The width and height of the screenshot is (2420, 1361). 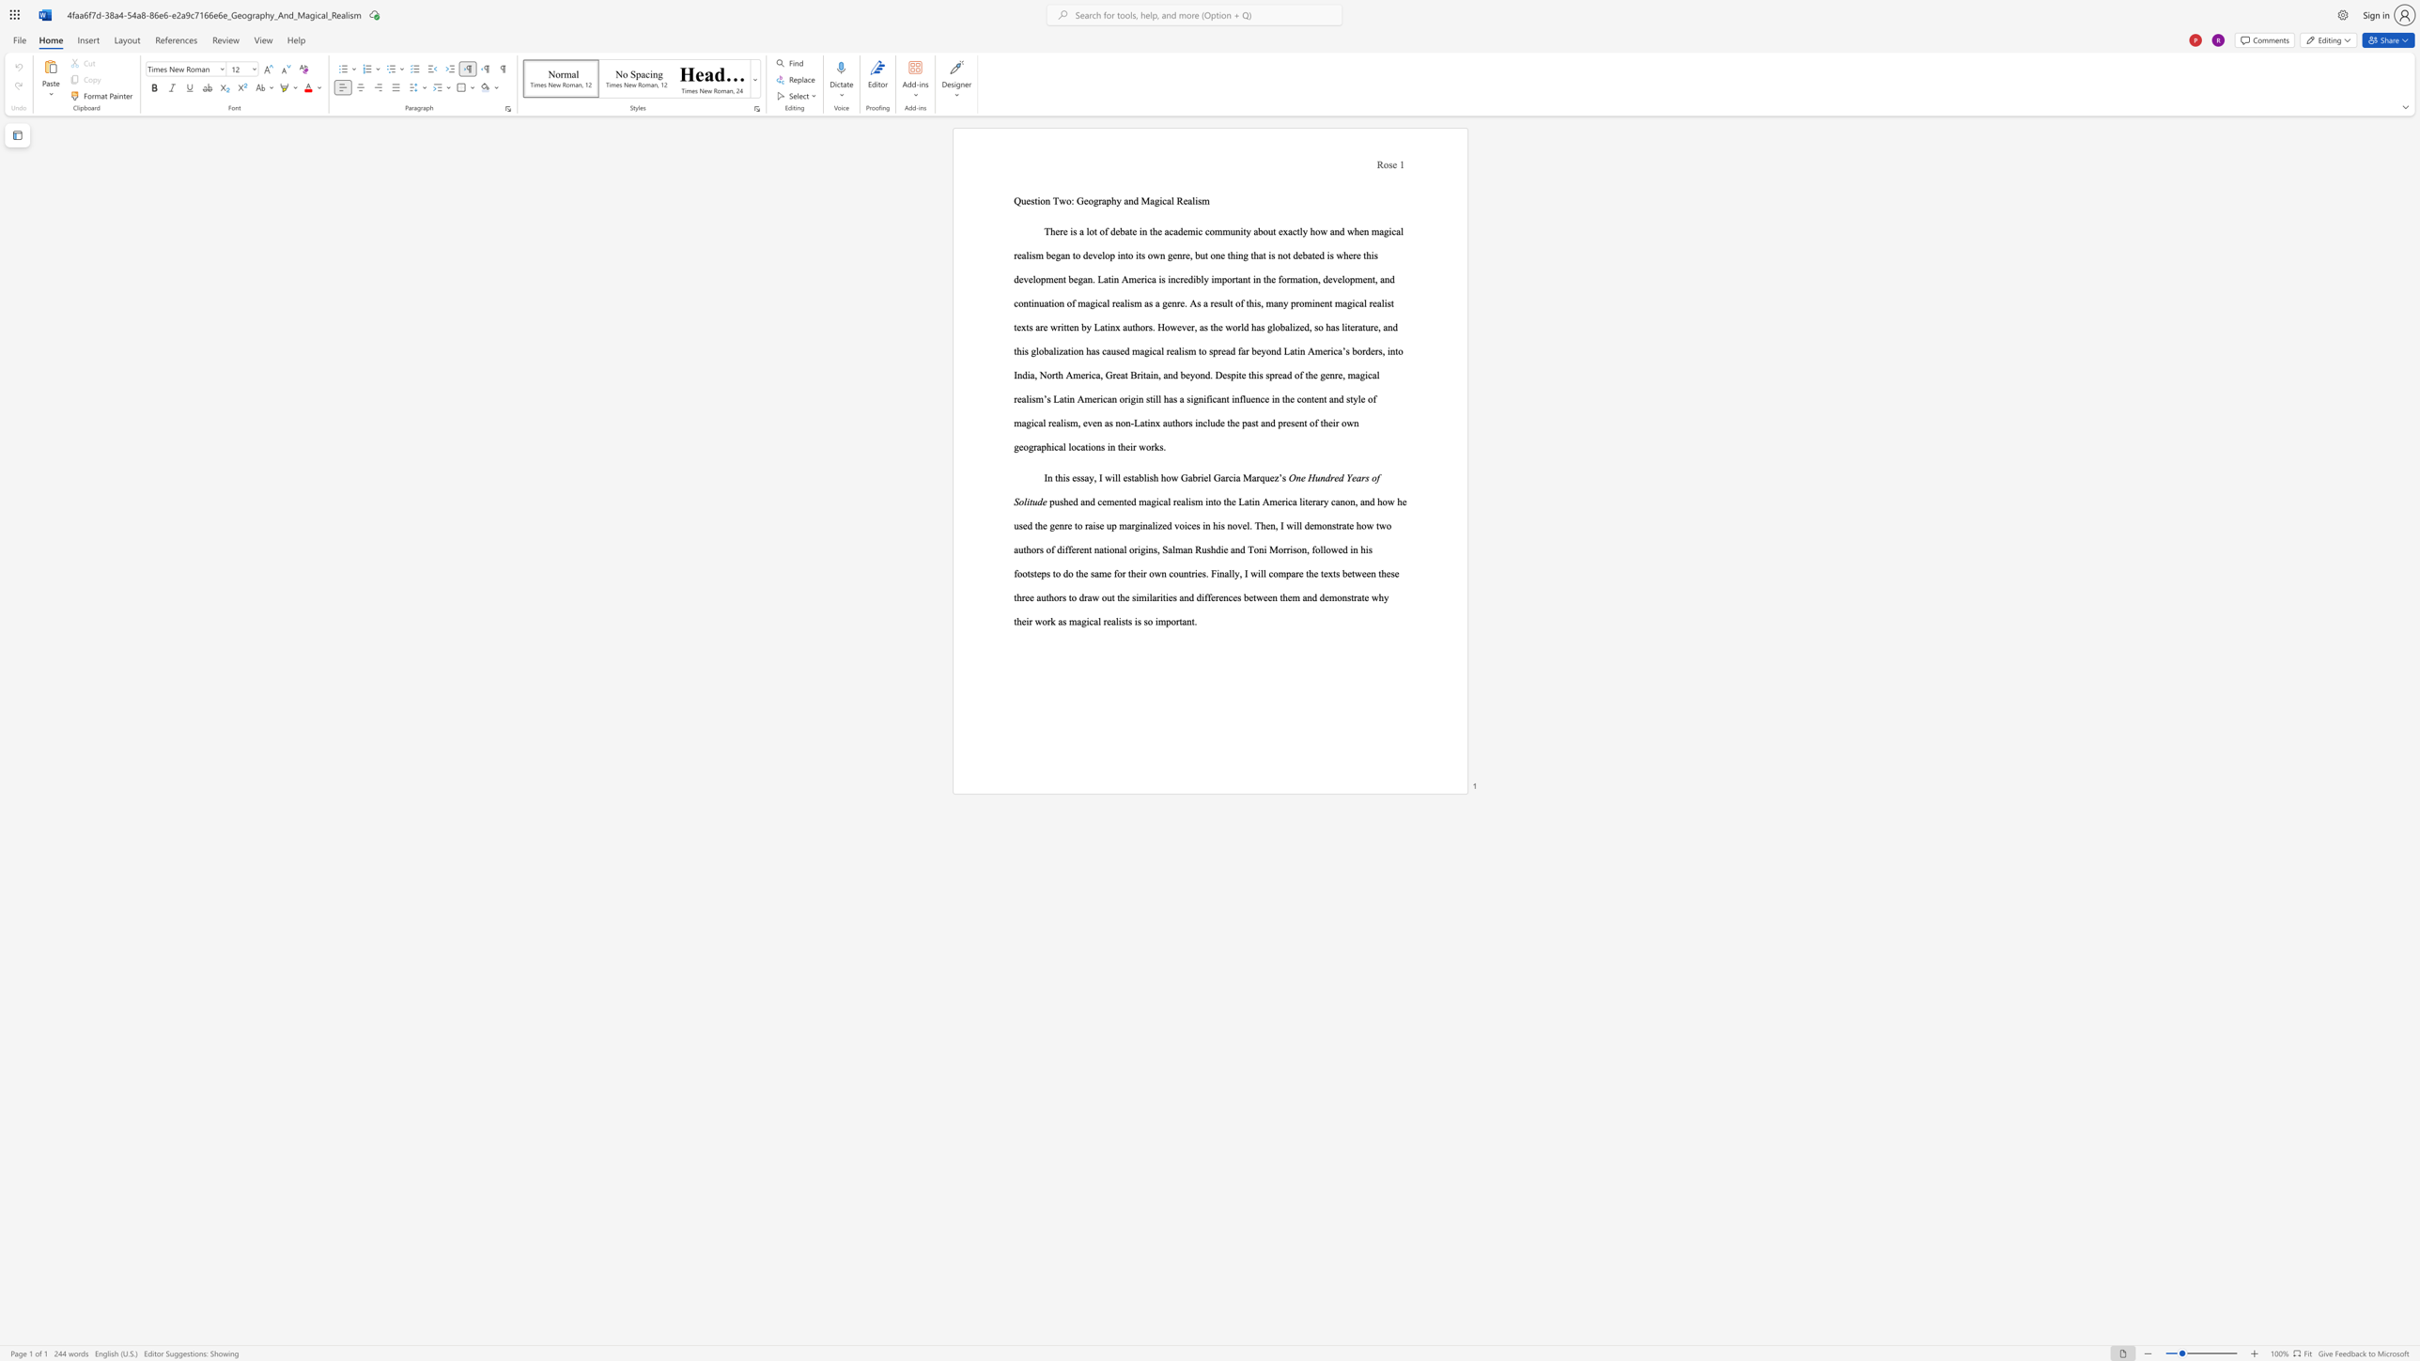 What do you see at coordinates (1173, 524) in the screenshot?
I see `the subset text "voices in his novel. Then, I w" within the text "pushed and cemented magical realism into the Latin America literary canon, and how he used the genre to raise up marginalized voices in his novel. Then, I will"` at bounding box center [1173, 524].